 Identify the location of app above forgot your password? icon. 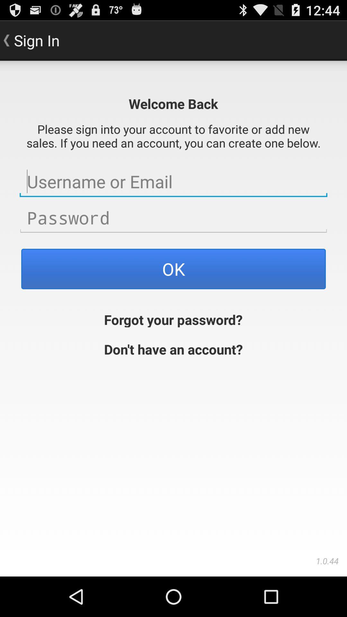
(173, 269).